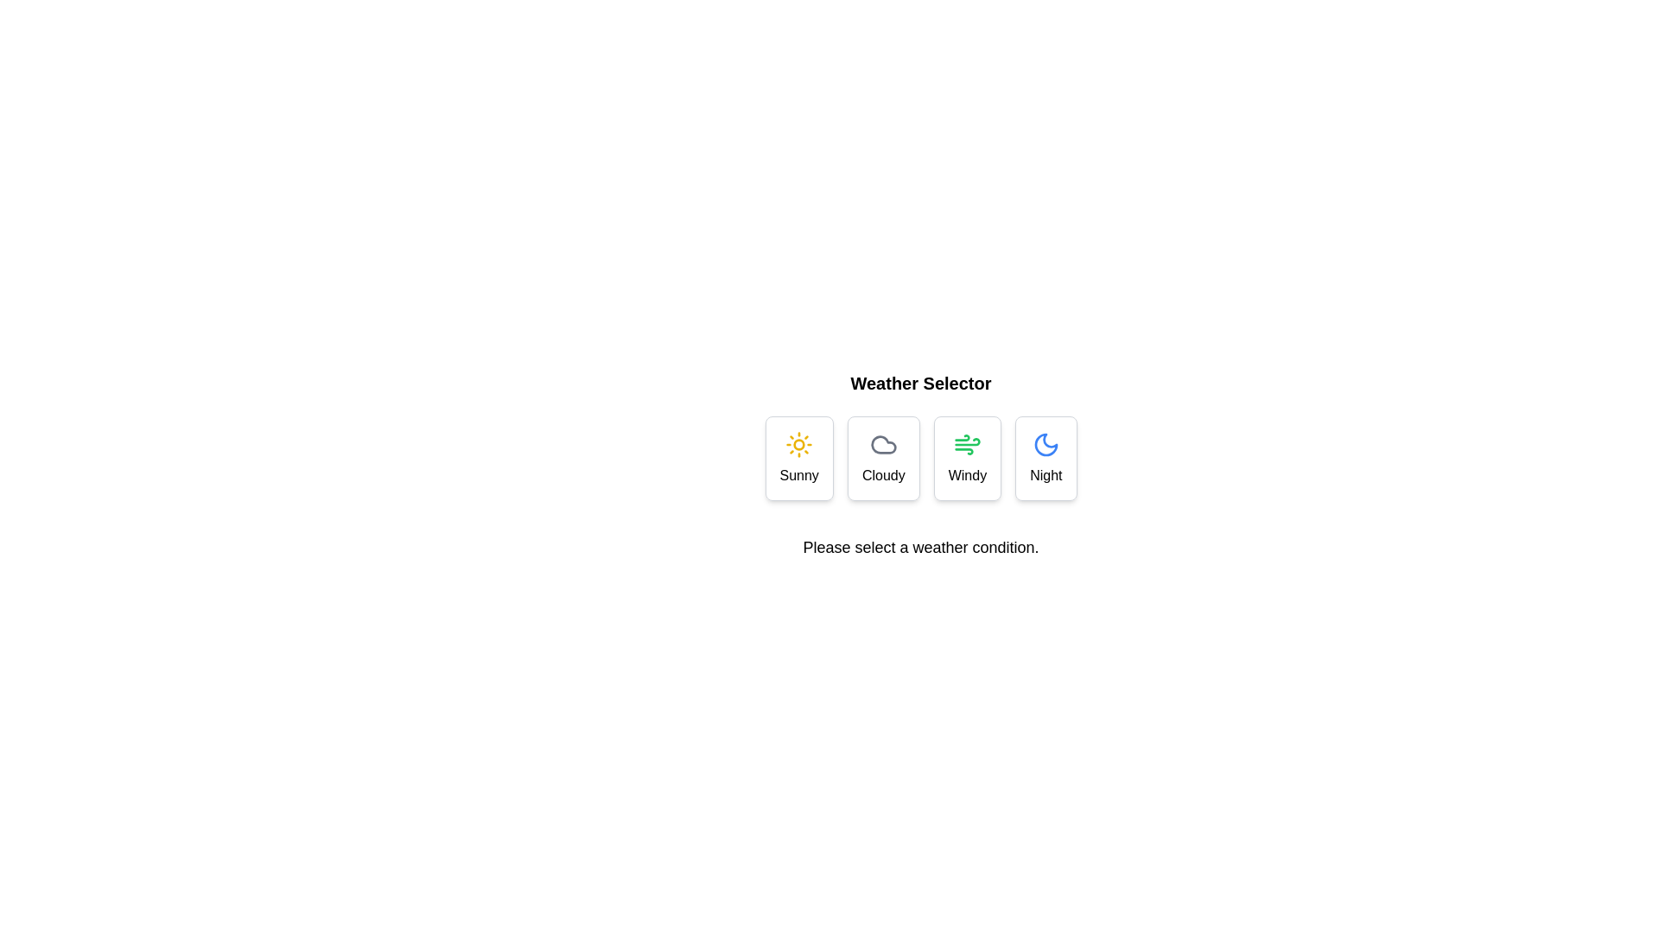 This screenshot has width=1659, height=933. What do you see at coordinates (798, 444) in the screenshot?
I see `the central circle of the sun icon, which represents the 'Sunny' weather selection option in the Weather Selector` at bounding box center [798, 444].